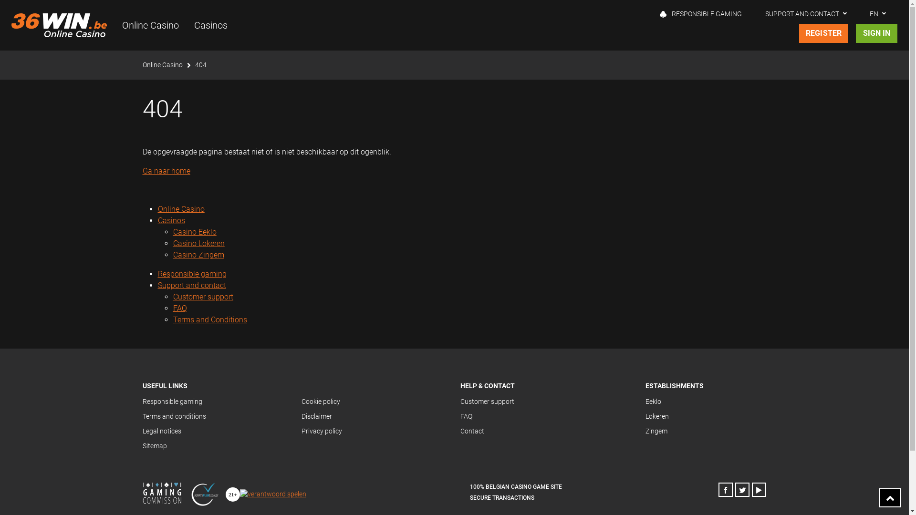  Describe the element at coordinates (700, 14) in the screenshot. I see `'RESPONSIBLE GAMING'` at that location.